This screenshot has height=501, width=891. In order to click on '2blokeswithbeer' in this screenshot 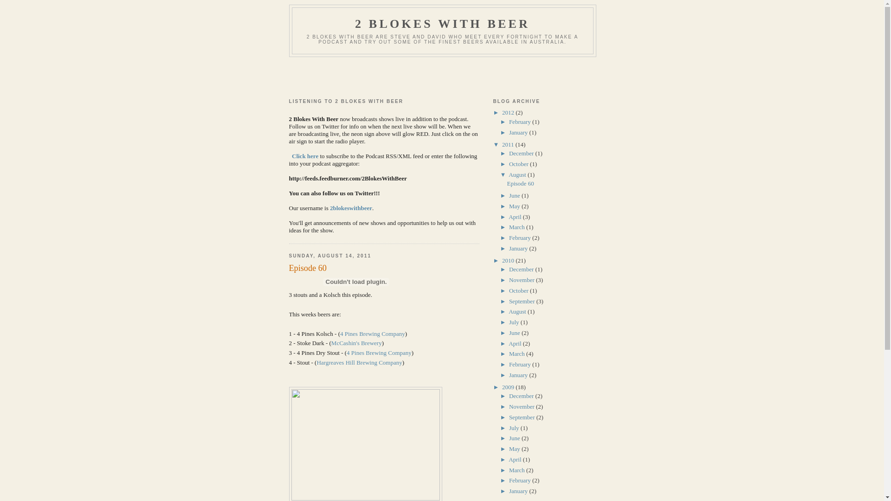, I will do `click(350, 207)`.